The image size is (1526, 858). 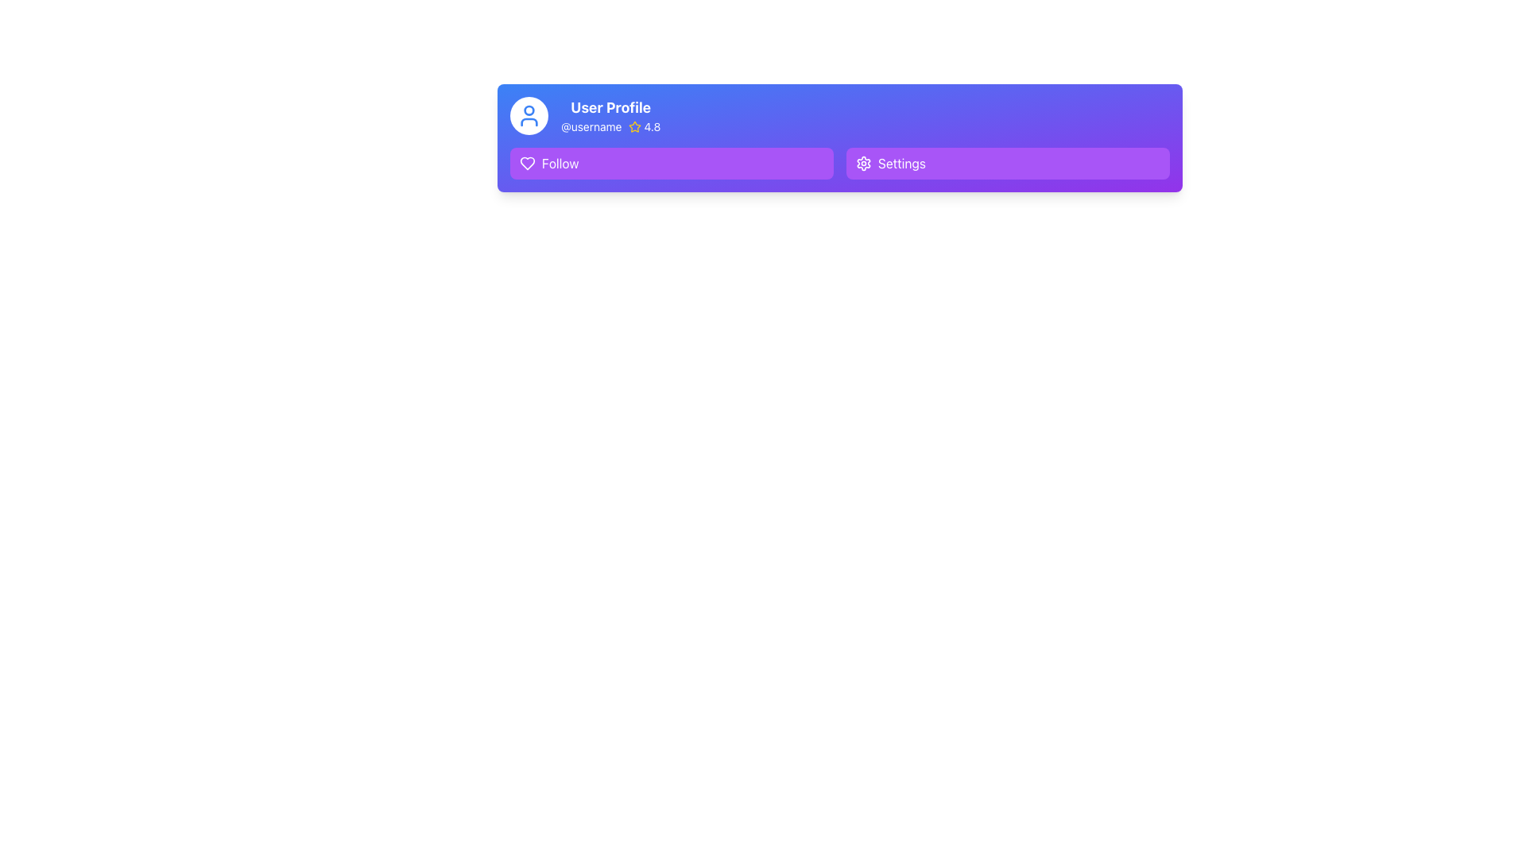 I want to click on the purple settings gear icon located on the header bar to the right of the 'Follow' button, so click(x=862, y=163).